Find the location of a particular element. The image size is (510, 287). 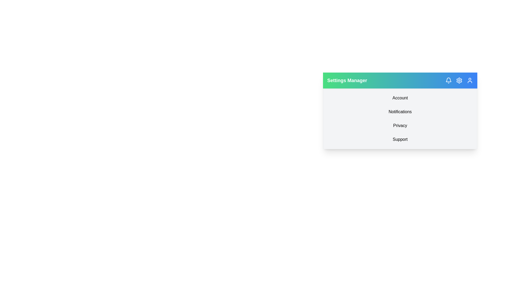

the settings icon to toggle the settings drawer is located at coordinates (459, 81).